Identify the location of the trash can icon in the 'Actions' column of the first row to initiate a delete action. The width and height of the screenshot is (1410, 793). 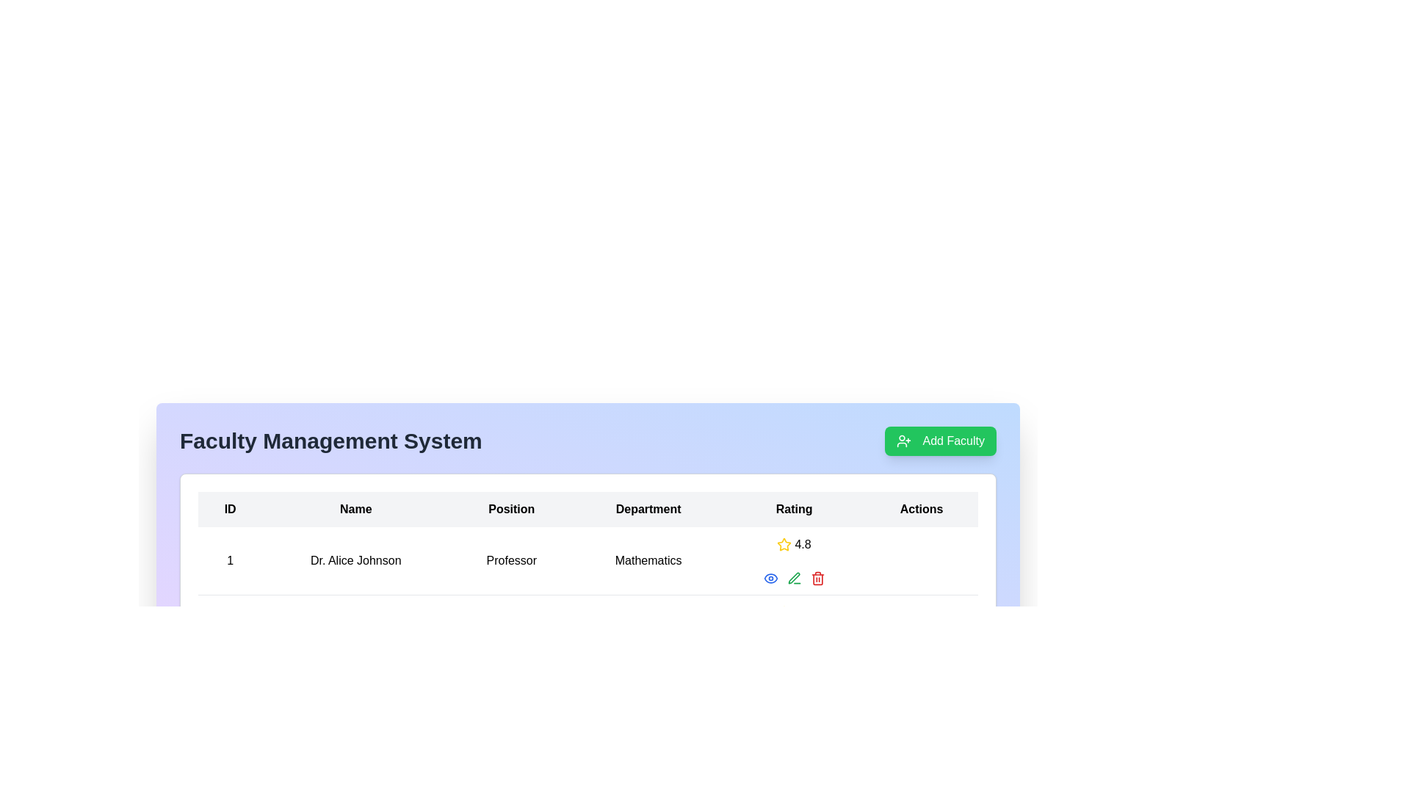
(817, 579).